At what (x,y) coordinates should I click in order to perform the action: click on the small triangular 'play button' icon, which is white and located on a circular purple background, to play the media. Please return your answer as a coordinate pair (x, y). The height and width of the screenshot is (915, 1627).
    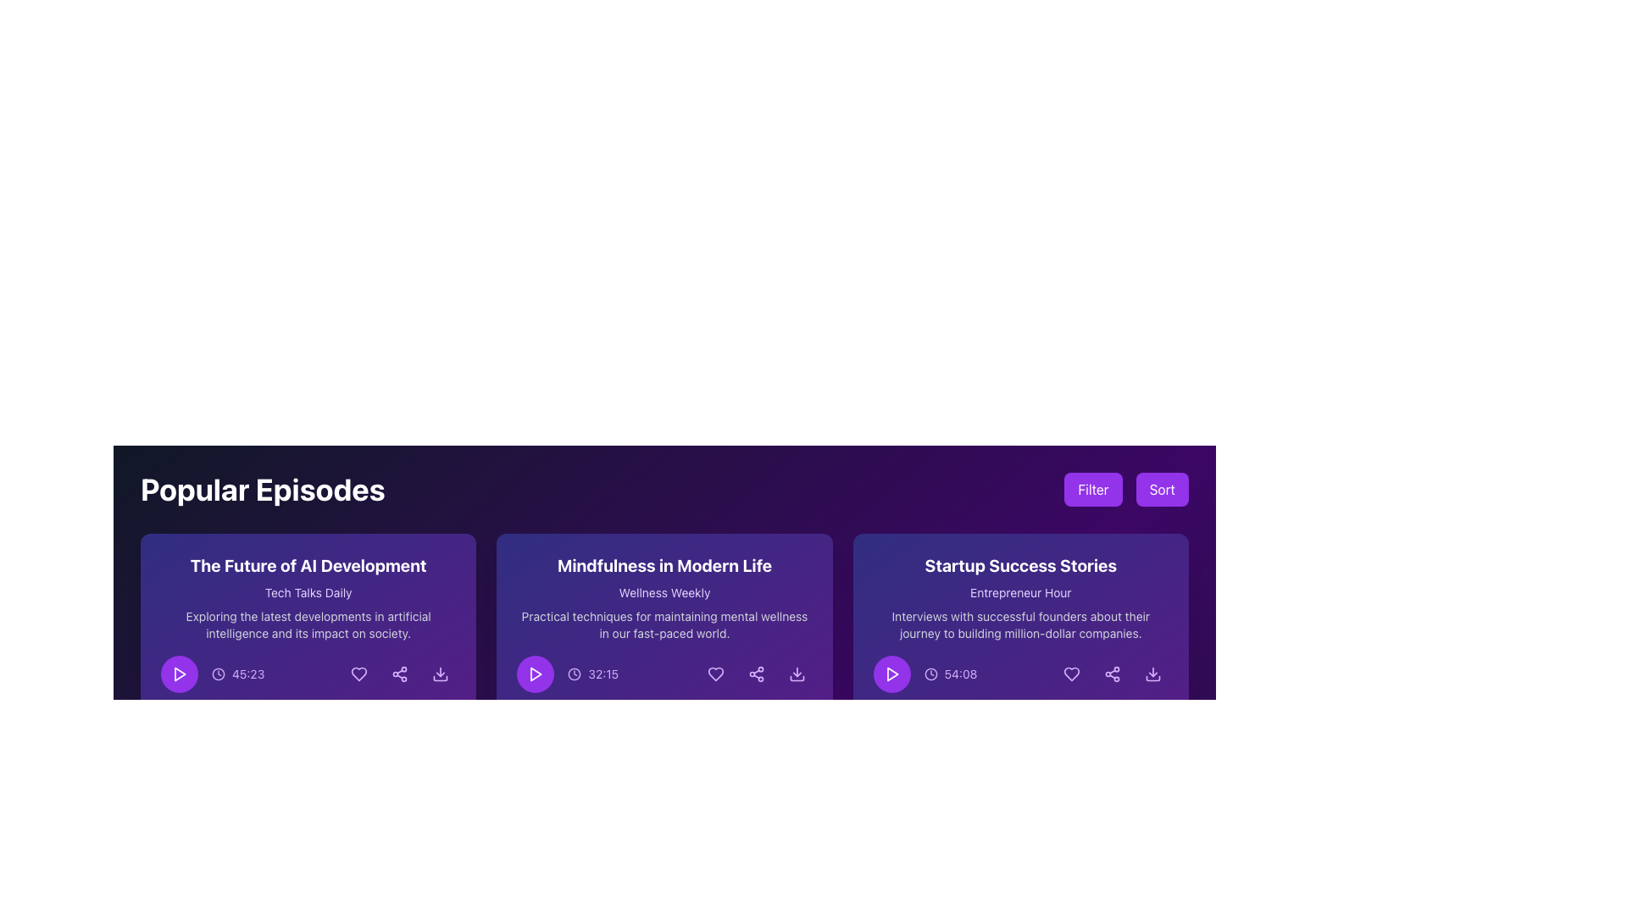
    Looking at the image, I should click on (536, 673).